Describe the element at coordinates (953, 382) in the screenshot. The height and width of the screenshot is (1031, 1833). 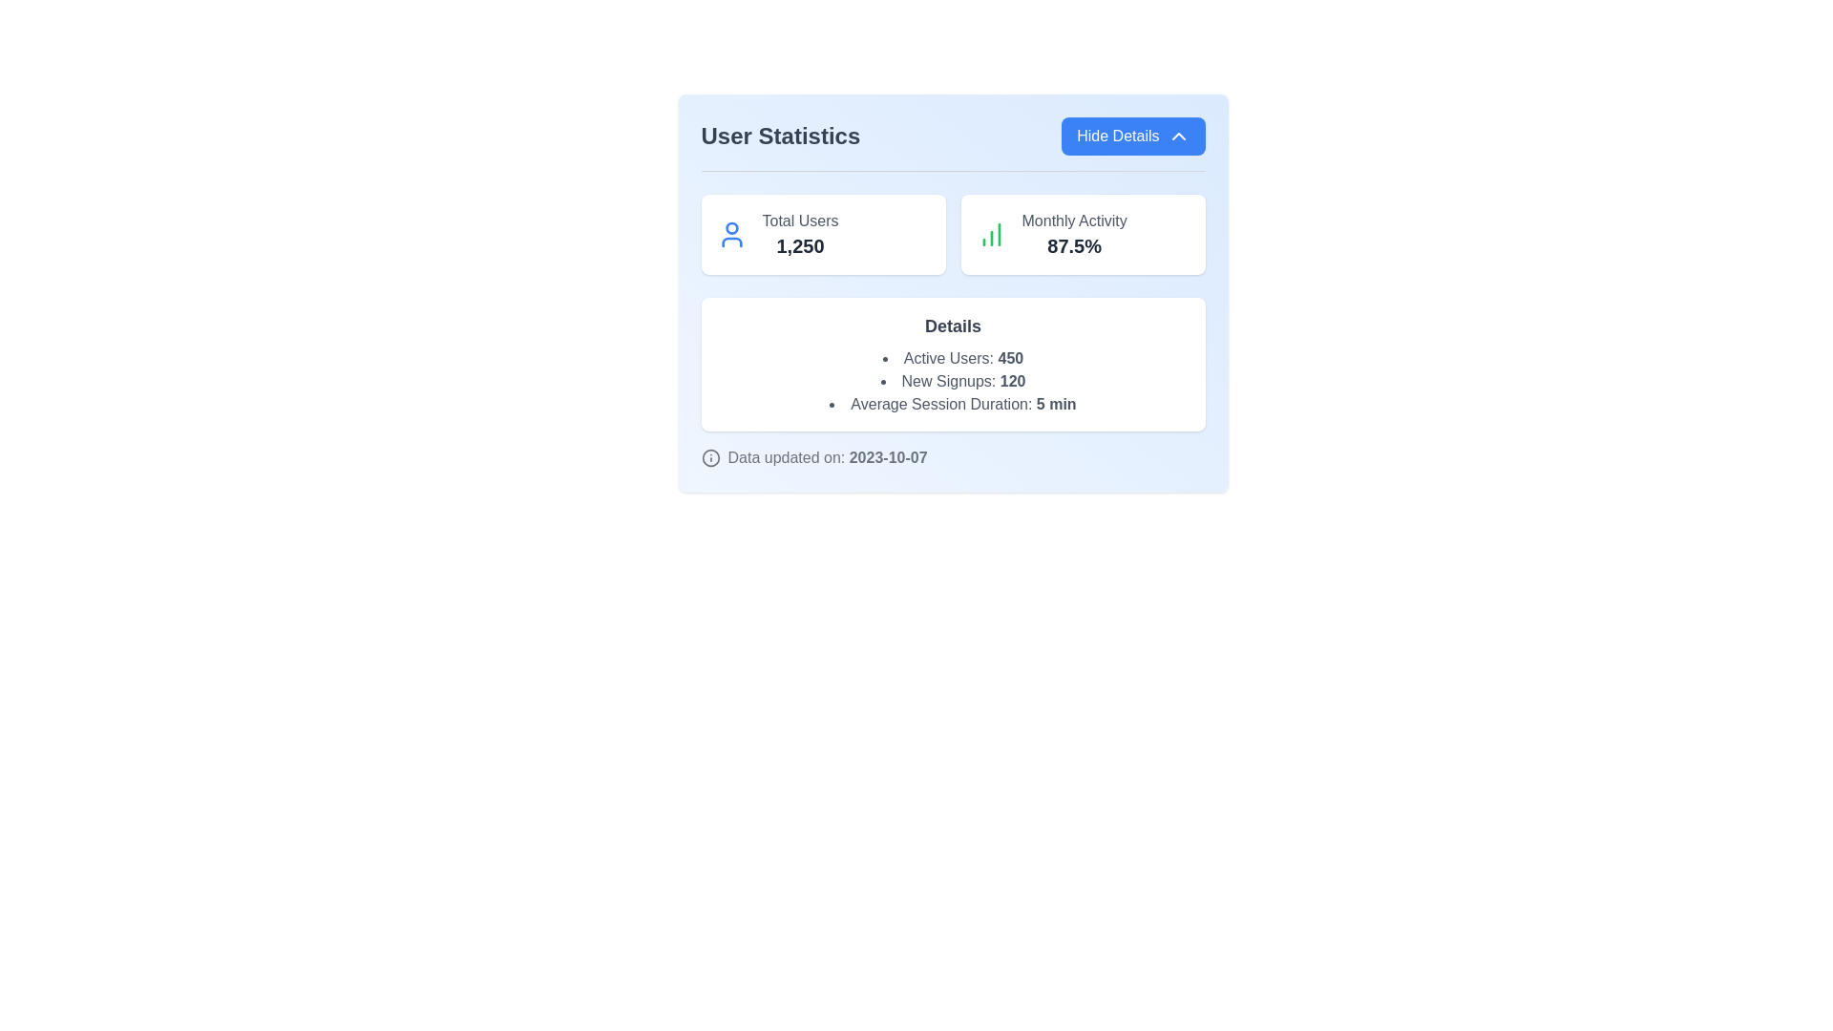
I see `the Text block (bullet list) that summarizes user activity metrics, located within the 'Details' card below the 'User Statistics' section` at that location.